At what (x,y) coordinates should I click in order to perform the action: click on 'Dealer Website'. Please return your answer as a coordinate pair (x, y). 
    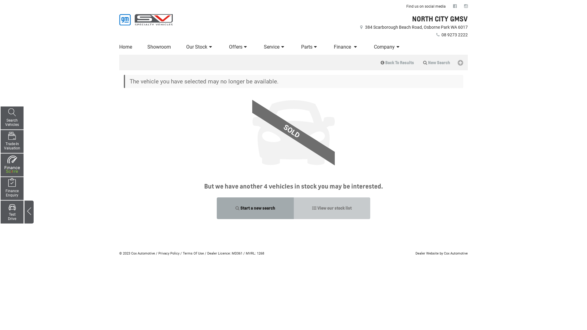
    Looking at the image, I should click on (426, 253).